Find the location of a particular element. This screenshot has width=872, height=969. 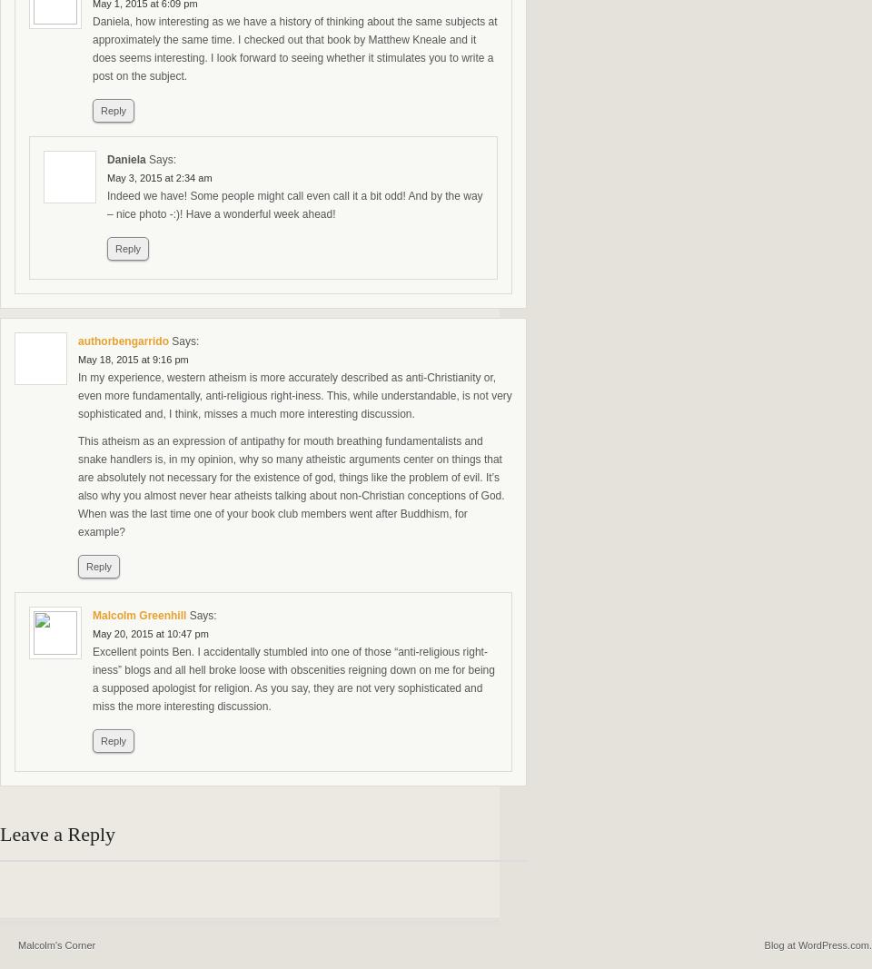

'Indeed we have! Some people might call even call it a bit odd! And by the way – nice photo -:)! Have a wonderful week ahead!' is located at coordinates (294, 204).